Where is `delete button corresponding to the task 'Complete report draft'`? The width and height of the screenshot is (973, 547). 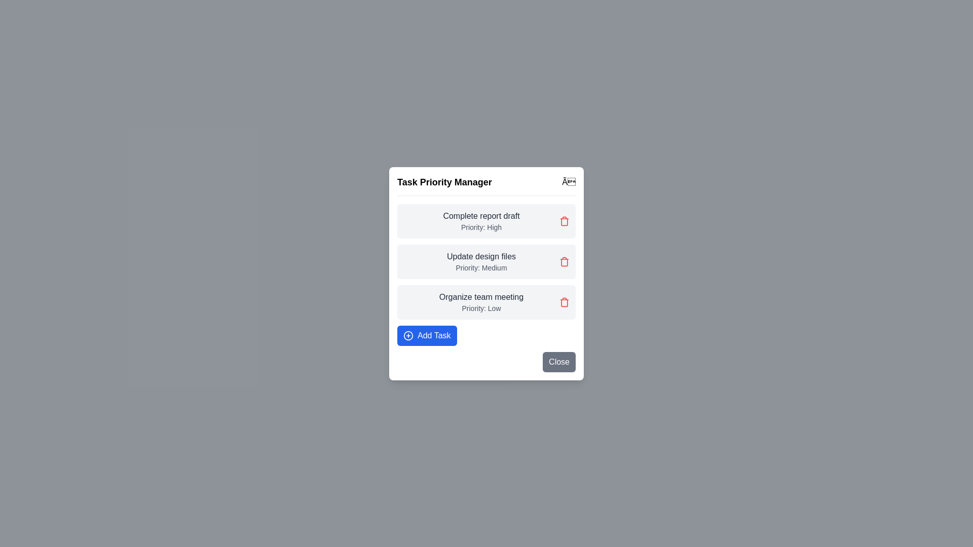 delete button corresponding to the task 'Complete report draft' is located at coordinates (564, 220).